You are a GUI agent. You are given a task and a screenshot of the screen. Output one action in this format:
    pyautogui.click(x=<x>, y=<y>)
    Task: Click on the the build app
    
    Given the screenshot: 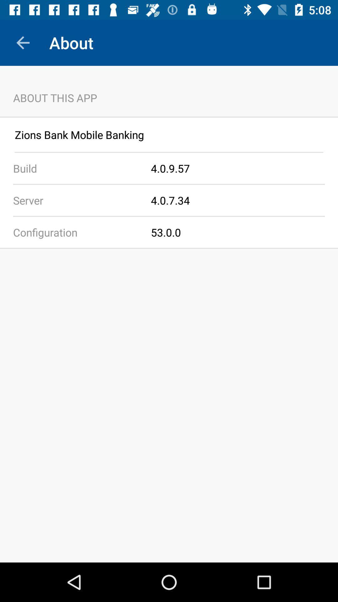 What is the action you would take?
    pyautogui.click(x=75, y=168)
    